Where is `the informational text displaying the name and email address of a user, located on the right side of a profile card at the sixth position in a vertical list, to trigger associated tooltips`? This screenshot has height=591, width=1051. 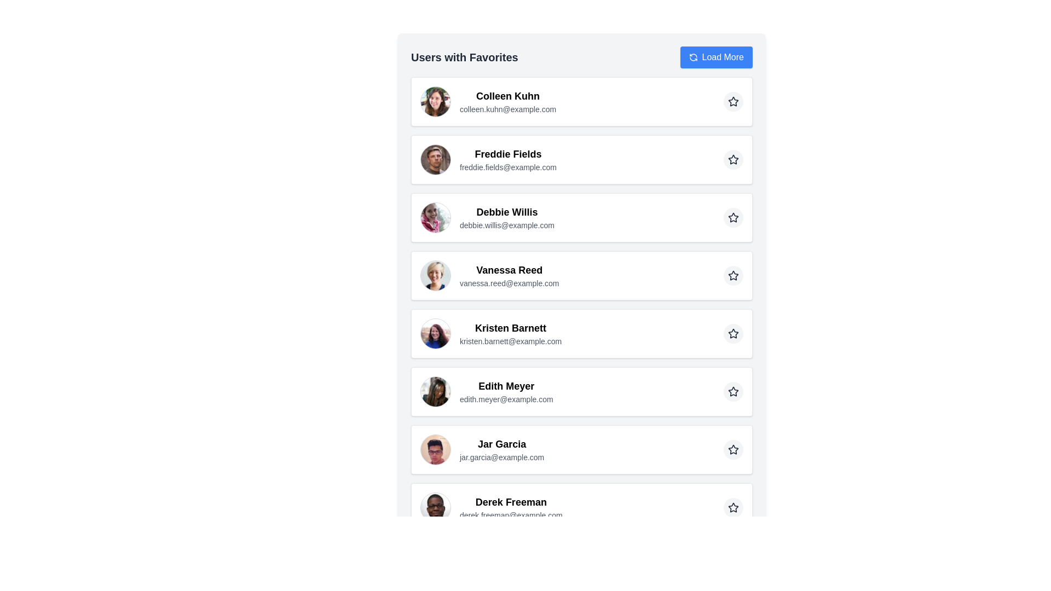 the informational text displaying the name and email address of a user, located on the right side of a profile card at the sixth position in a vertical list, to trigger associated tooltips is located at coordinates (506, 391).